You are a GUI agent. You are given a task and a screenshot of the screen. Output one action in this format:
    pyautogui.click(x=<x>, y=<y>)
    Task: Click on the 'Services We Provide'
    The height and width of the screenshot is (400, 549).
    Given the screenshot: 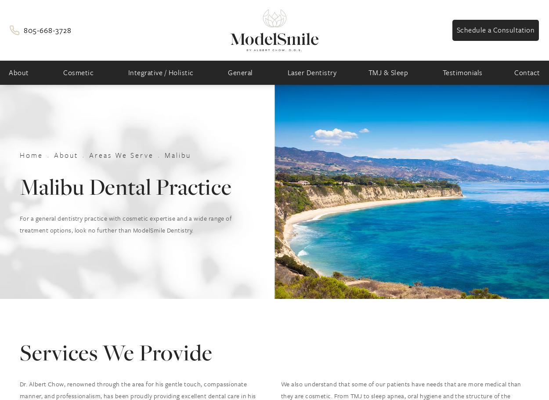 What is the action you would take?
    pyautogui.click(x=20, y=352)
    